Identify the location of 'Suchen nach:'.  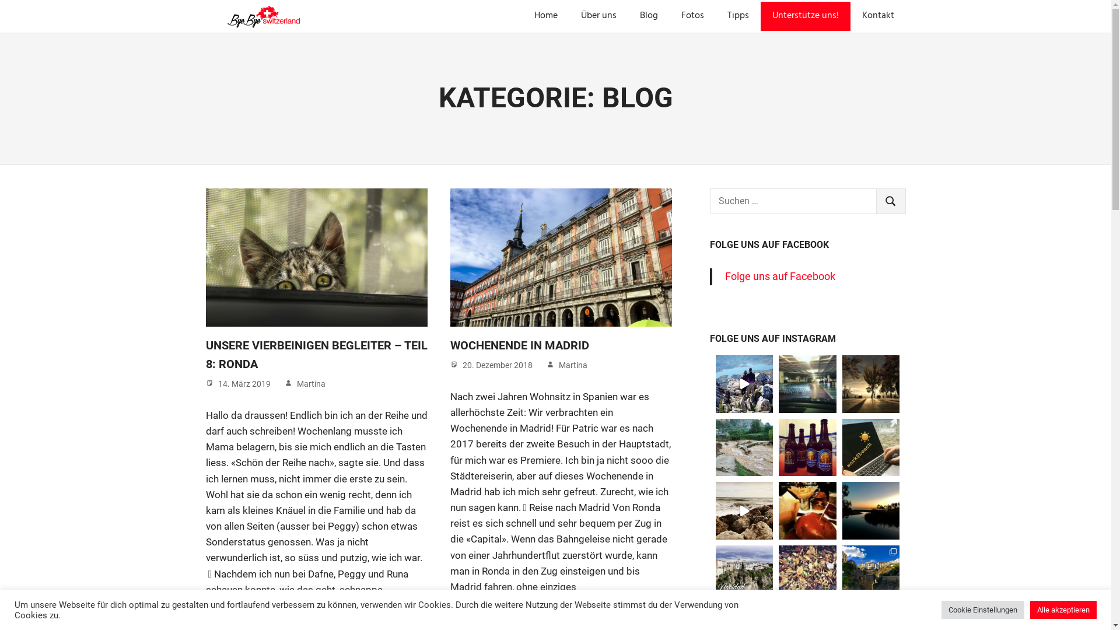
(792, 200).